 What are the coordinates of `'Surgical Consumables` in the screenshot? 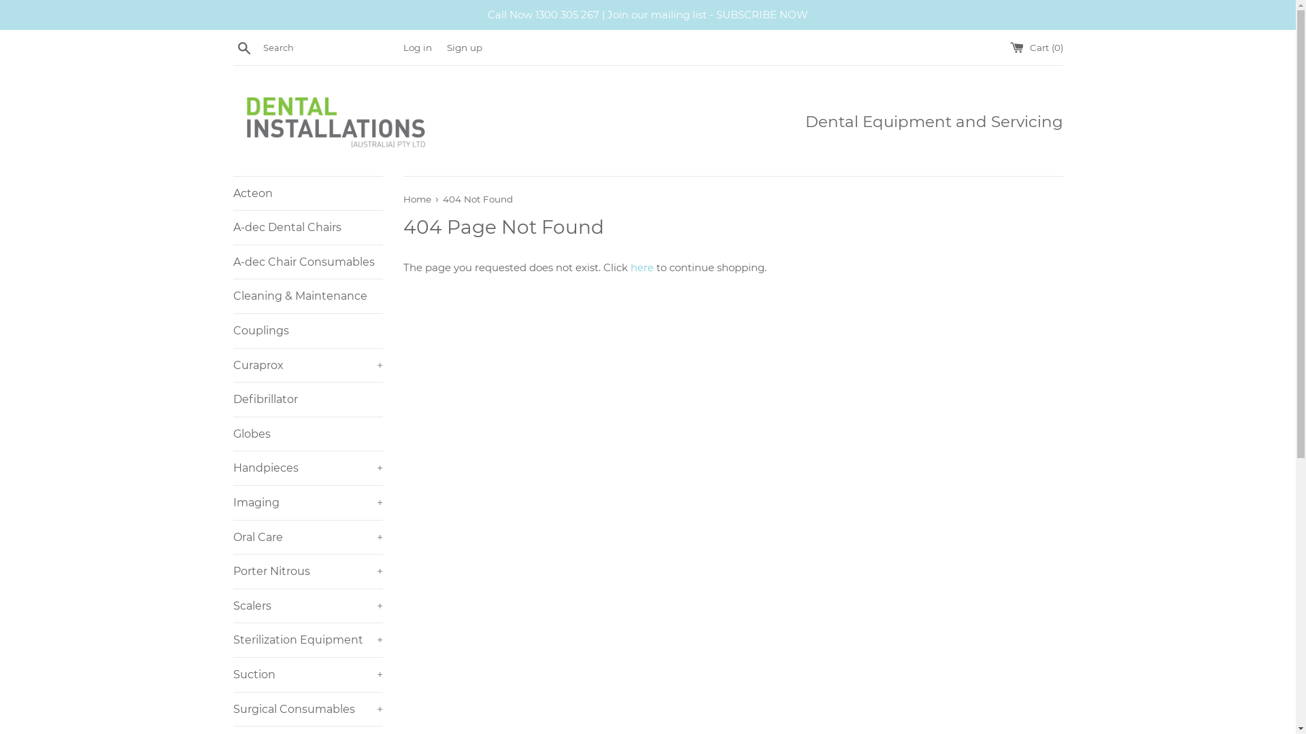 It's located at (306, 709).